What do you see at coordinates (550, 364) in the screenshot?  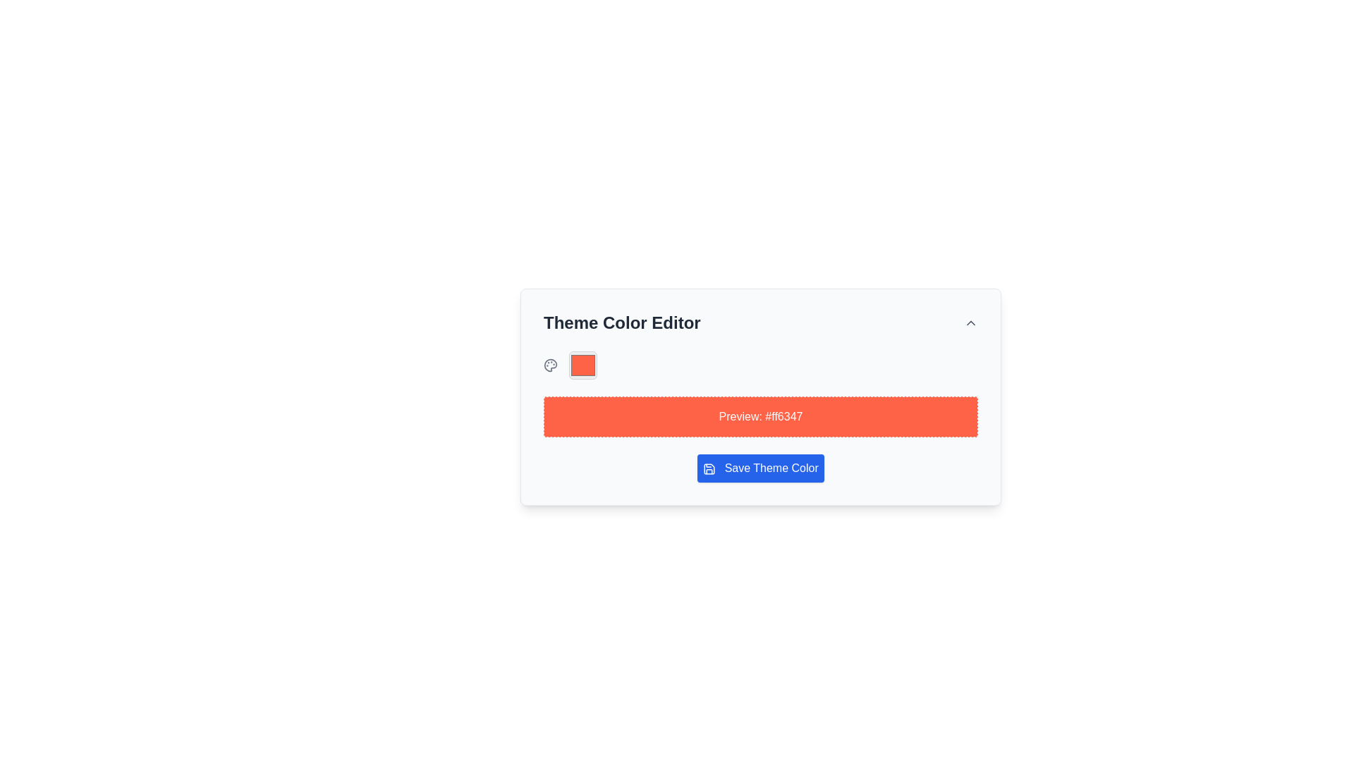 I see `the first circular icon resembling a painter's palette in the color editor header, which is situated to the far left of its group` at bounding box center [550, 364].